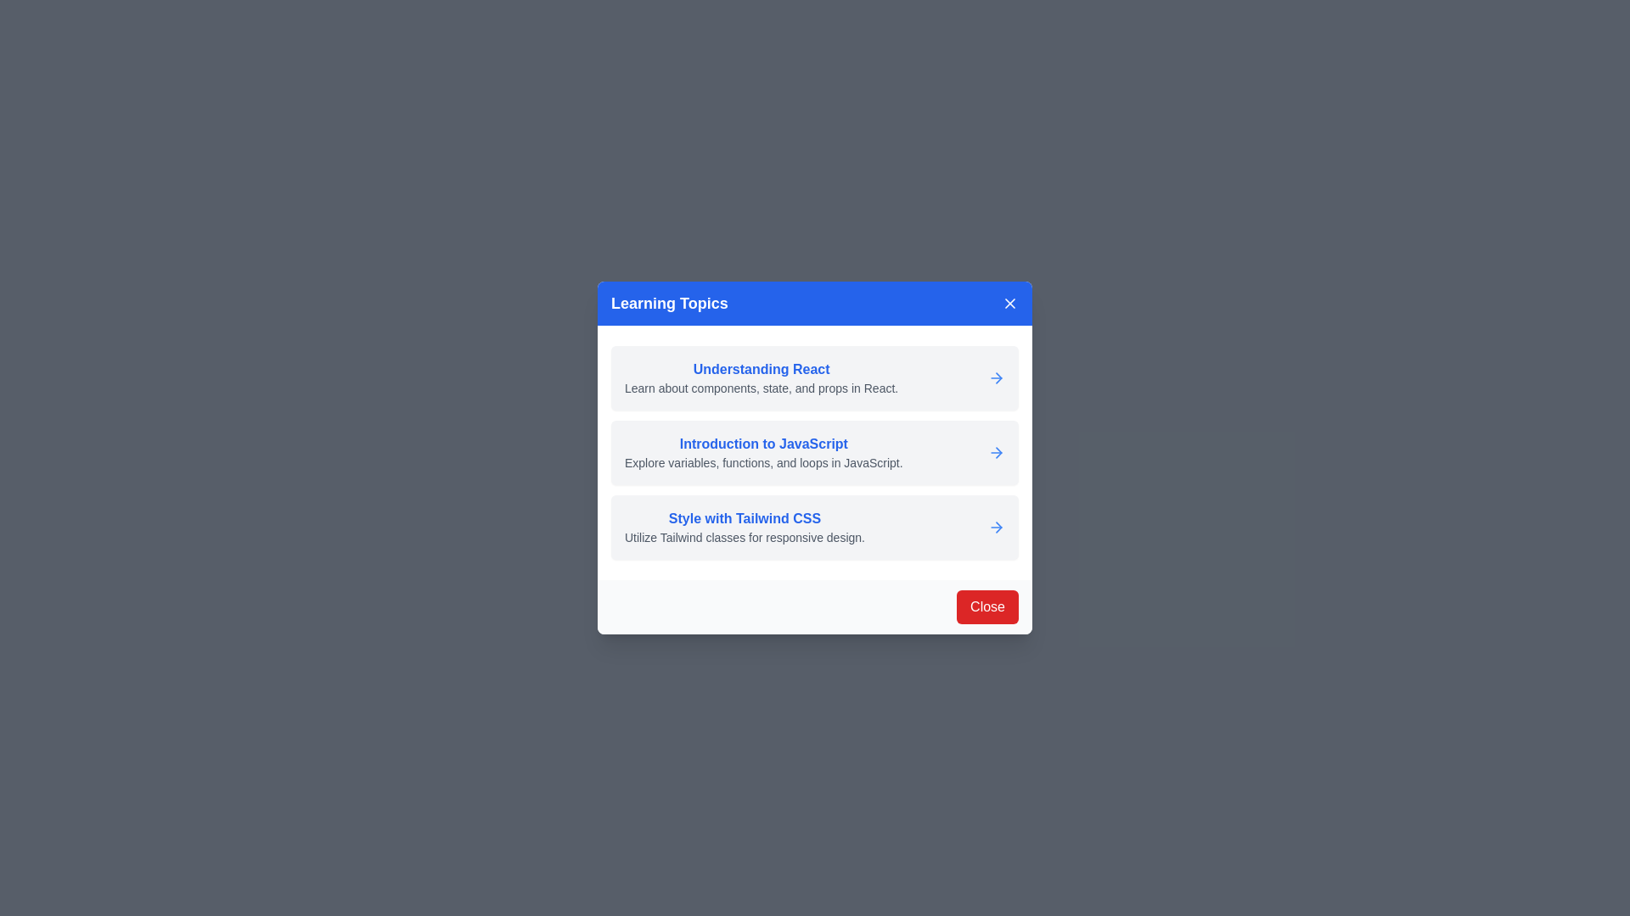 Image resolution: width=1630 pixels, height=916 pixels. I want to click on the first clickable card in the 'Learning Topics' modal, so click(815, 377).